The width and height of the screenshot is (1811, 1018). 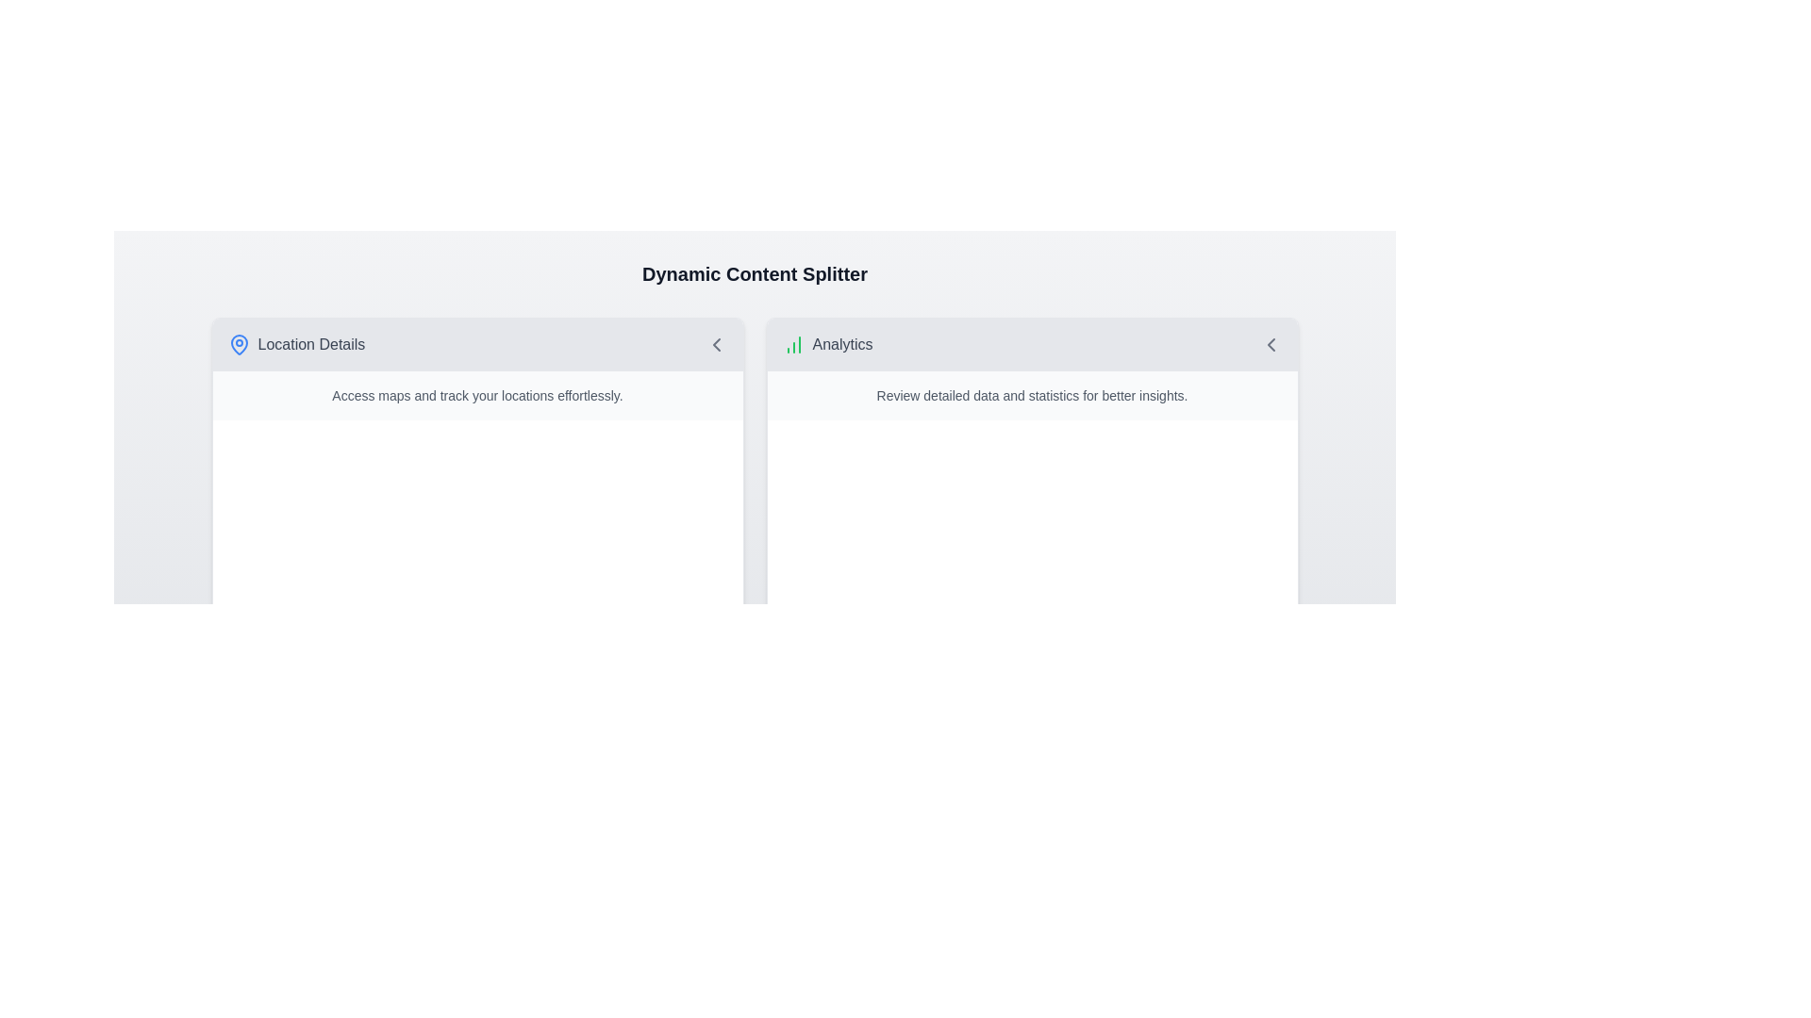 I want to click on the 'Analytics' text label, which is styled in gray and positioned next to a green icon representing increasing columns, so click(x=841, y=345).